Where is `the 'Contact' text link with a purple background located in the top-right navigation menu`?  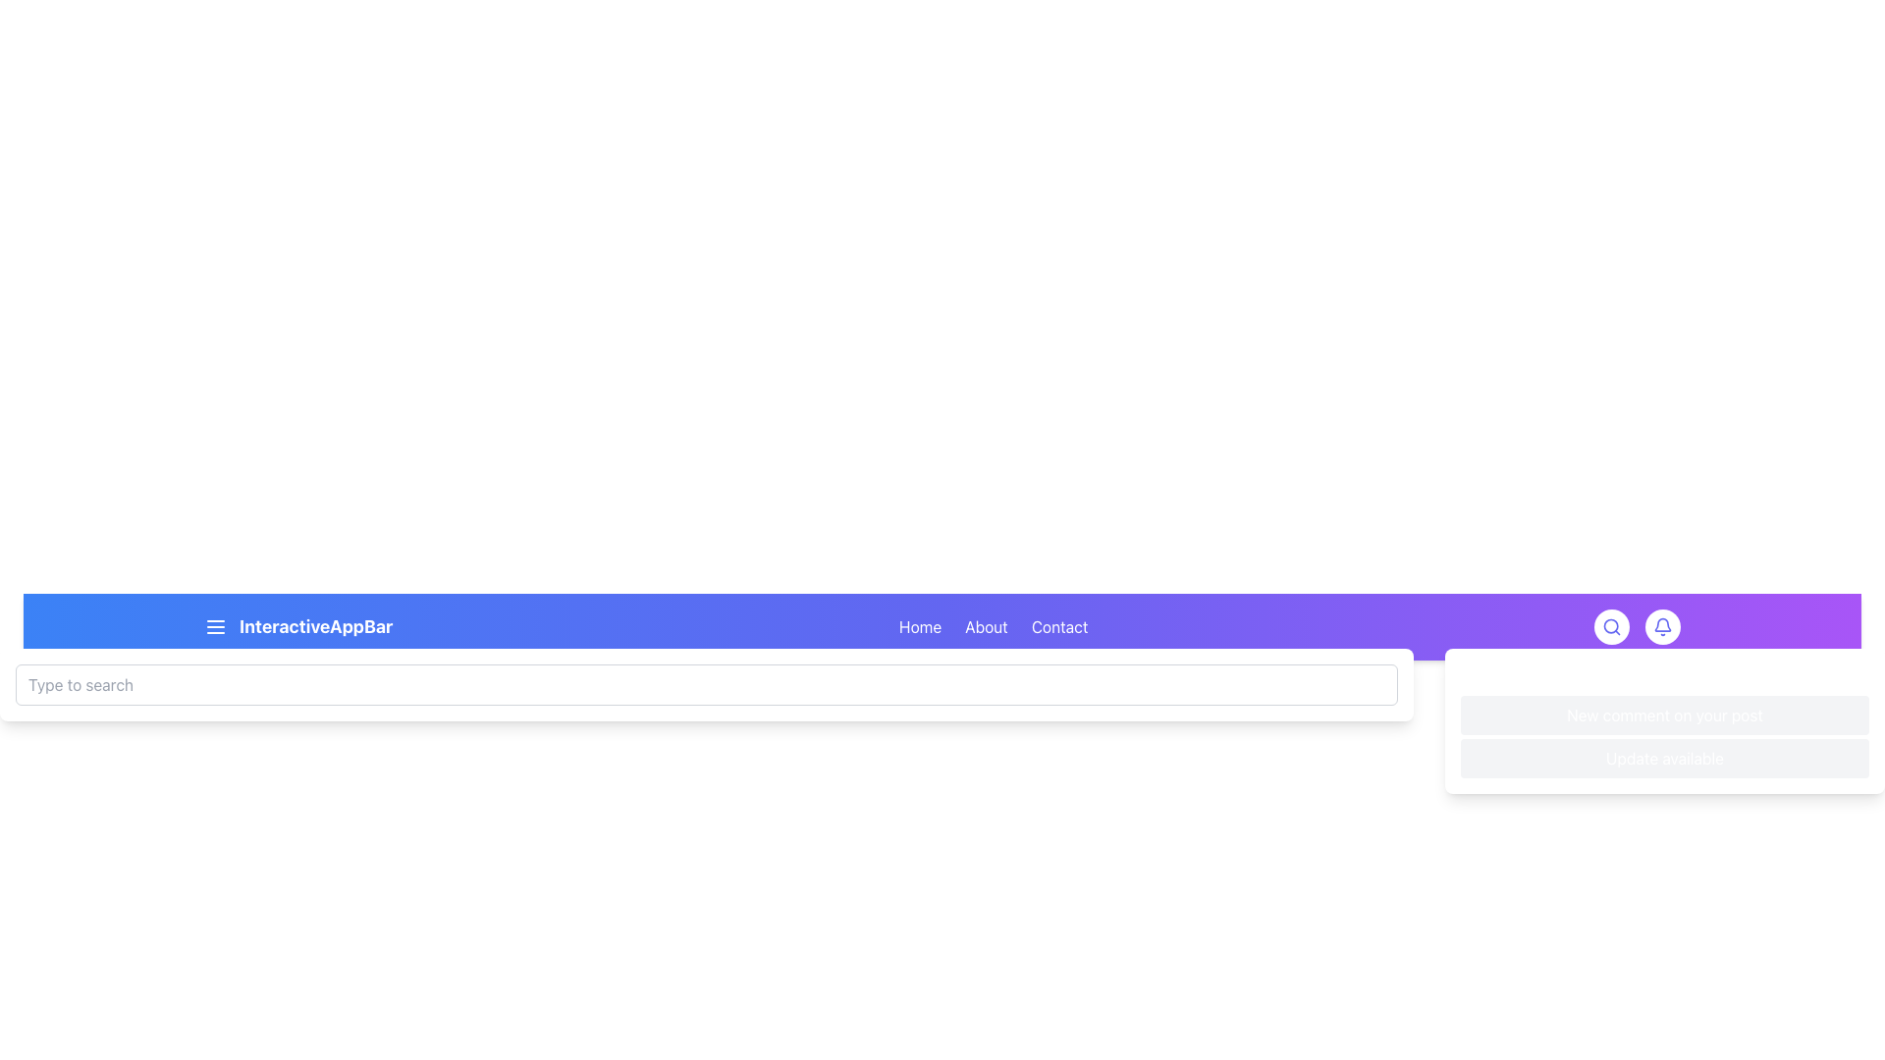 the 'Contact' text link with a purple background located in the top-right navigation menu is located at coordinates (1058, 627).